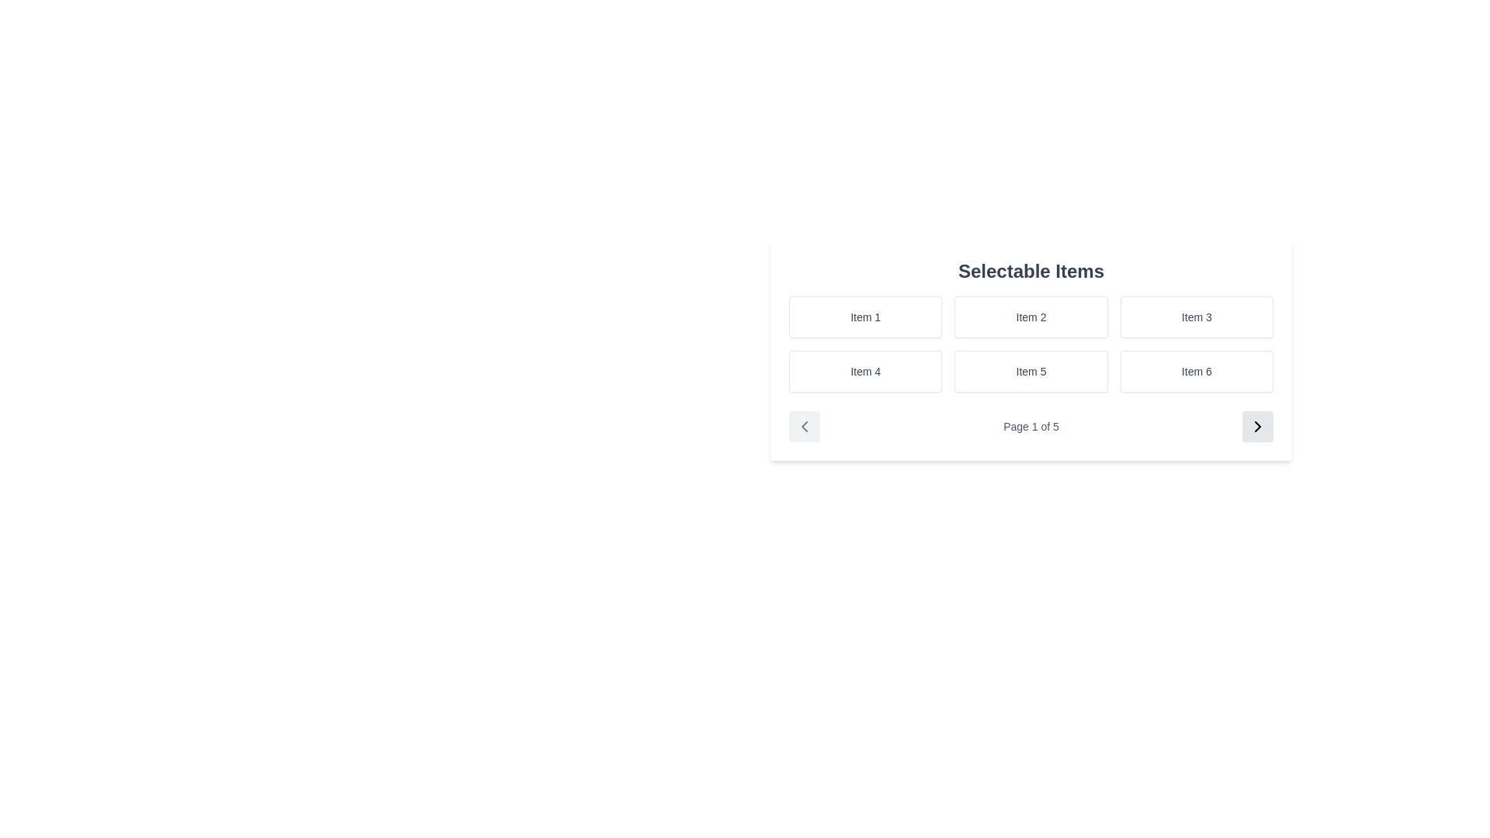  What do you see at coordinates (1031, 316) in the screenshot?
I see `the text label that contains 'Item 2', which is styled with a medium-sized font and gray text color, located in the first row's middle item of a 2x3 grid layout under the heading 'Selectable Items'` at bounding box center [1031, 316].